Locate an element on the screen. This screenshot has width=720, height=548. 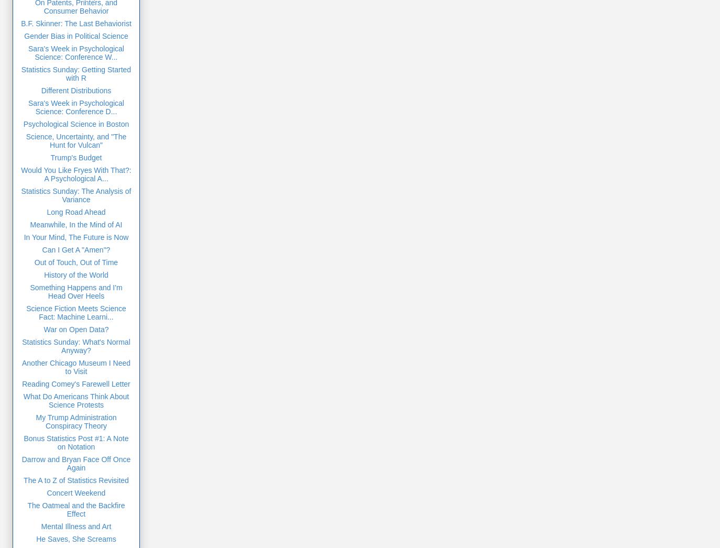
'Long Road Ahead' is located at coordinates (46, 211).